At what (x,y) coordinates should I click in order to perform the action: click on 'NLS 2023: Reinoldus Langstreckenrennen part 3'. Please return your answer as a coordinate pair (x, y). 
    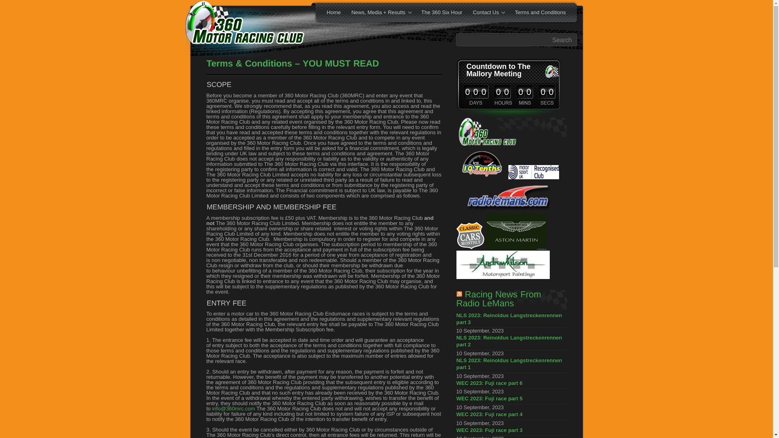
    Looking at the image, I should click on (510, 320).